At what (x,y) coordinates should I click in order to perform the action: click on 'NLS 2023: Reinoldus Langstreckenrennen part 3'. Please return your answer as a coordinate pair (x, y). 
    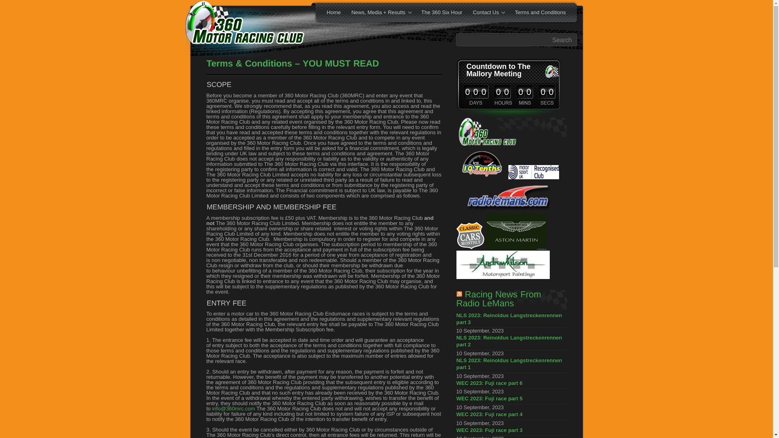
    Looking at the image, I should click on (510, 320).